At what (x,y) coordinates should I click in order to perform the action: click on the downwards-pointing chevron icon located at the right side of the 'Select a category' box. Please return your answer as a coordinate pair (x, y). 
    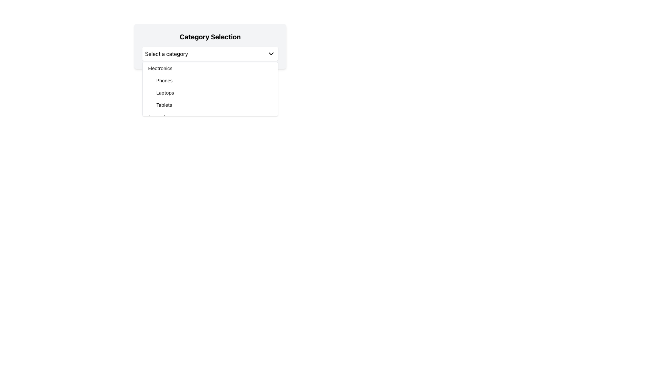
    Looking at the image, I should click on (271, 53).